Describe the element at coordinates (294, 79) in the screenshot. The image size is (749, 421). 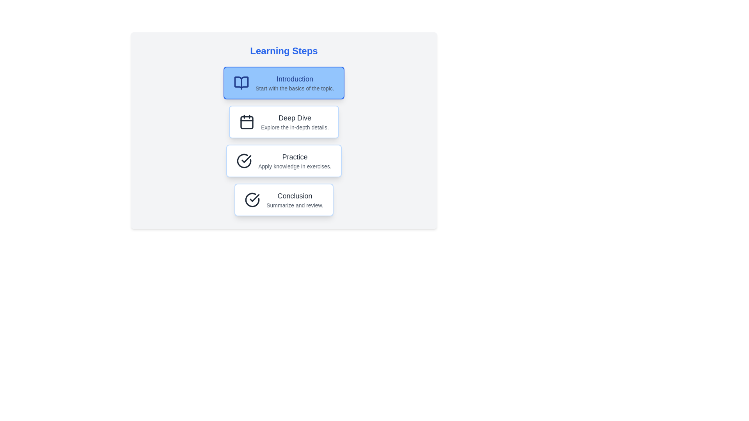
I see `the 'Introduction' text label, which is styled in bold, blue text and is located at the top of the action cards under 'Learning Steps'` at that location.